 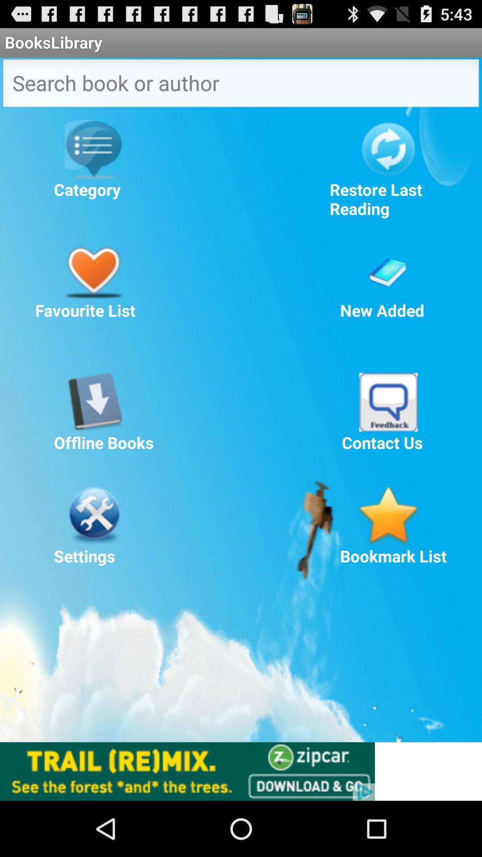 I want to click on search button, so click(x=241, y=86).